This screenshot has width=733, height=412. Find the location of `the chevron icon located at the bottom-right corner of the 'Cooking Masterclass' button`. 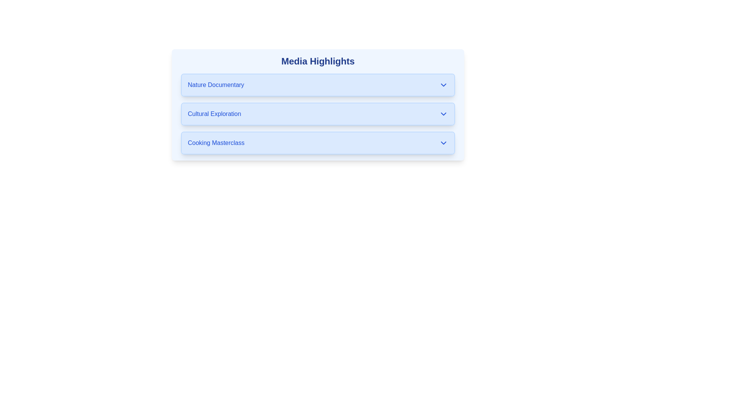

the chevron icon located at the bottom-right corner of the 'Cooking Masterclass' button is located at coordinates (443, 143).